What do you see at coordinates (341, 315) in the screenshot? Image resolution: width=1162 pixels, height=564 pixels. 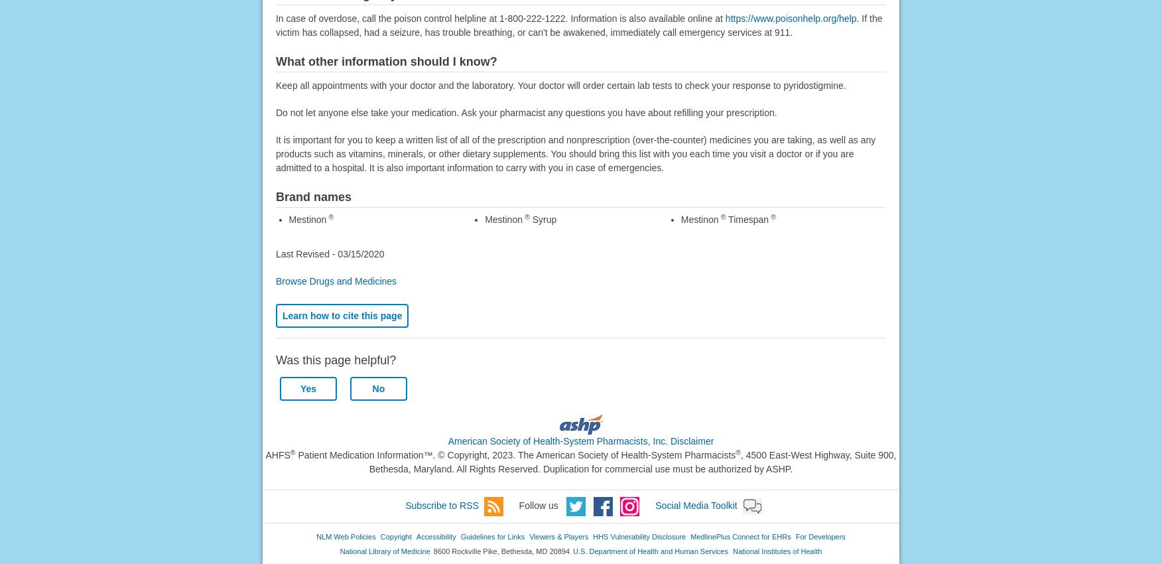 I see `'Learn how to cite this page'` at bounding box center [341, 315].